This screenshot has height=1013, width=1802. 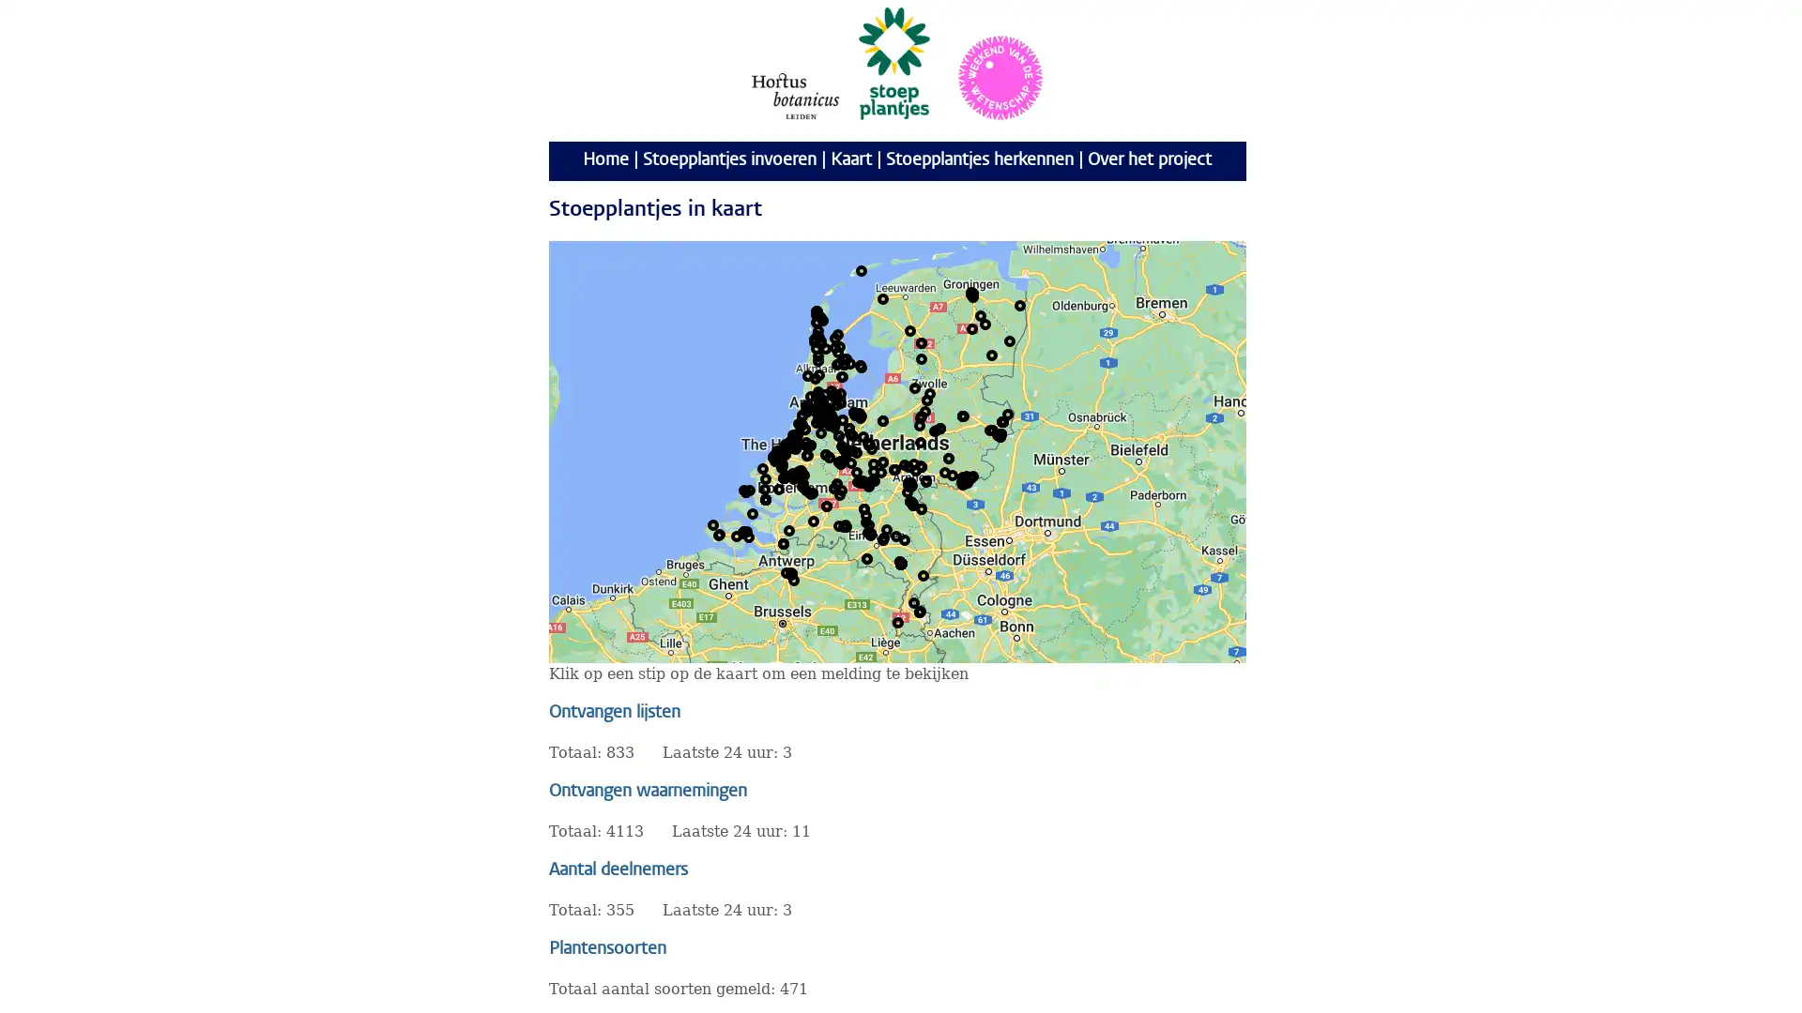 I want to click on Telling van op 17 oktober 2021, so click(x=773, y=456).